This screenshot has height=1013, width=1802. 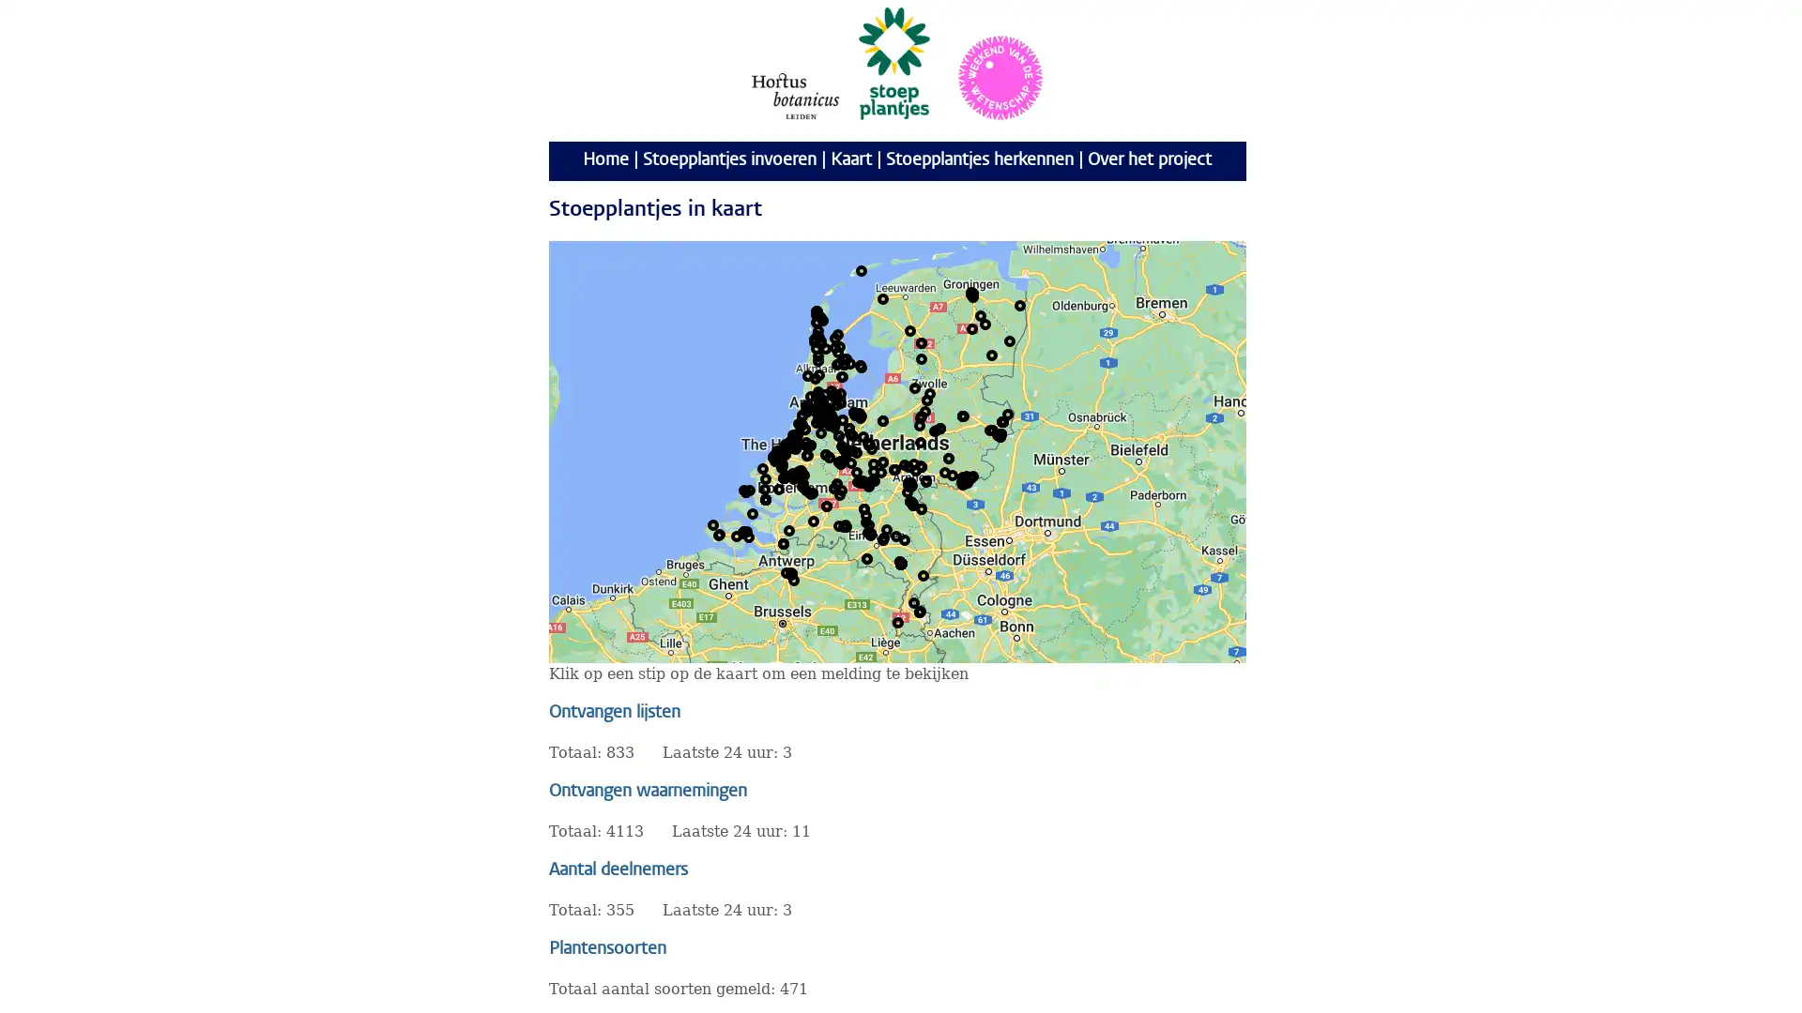 I want to click on Telling van op 17 oktober 2021, so click(x=773, y=456).